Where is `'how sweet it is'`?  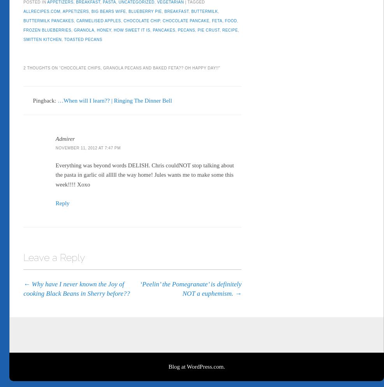
'how sweet it is' is located at coordinates (131, 28).